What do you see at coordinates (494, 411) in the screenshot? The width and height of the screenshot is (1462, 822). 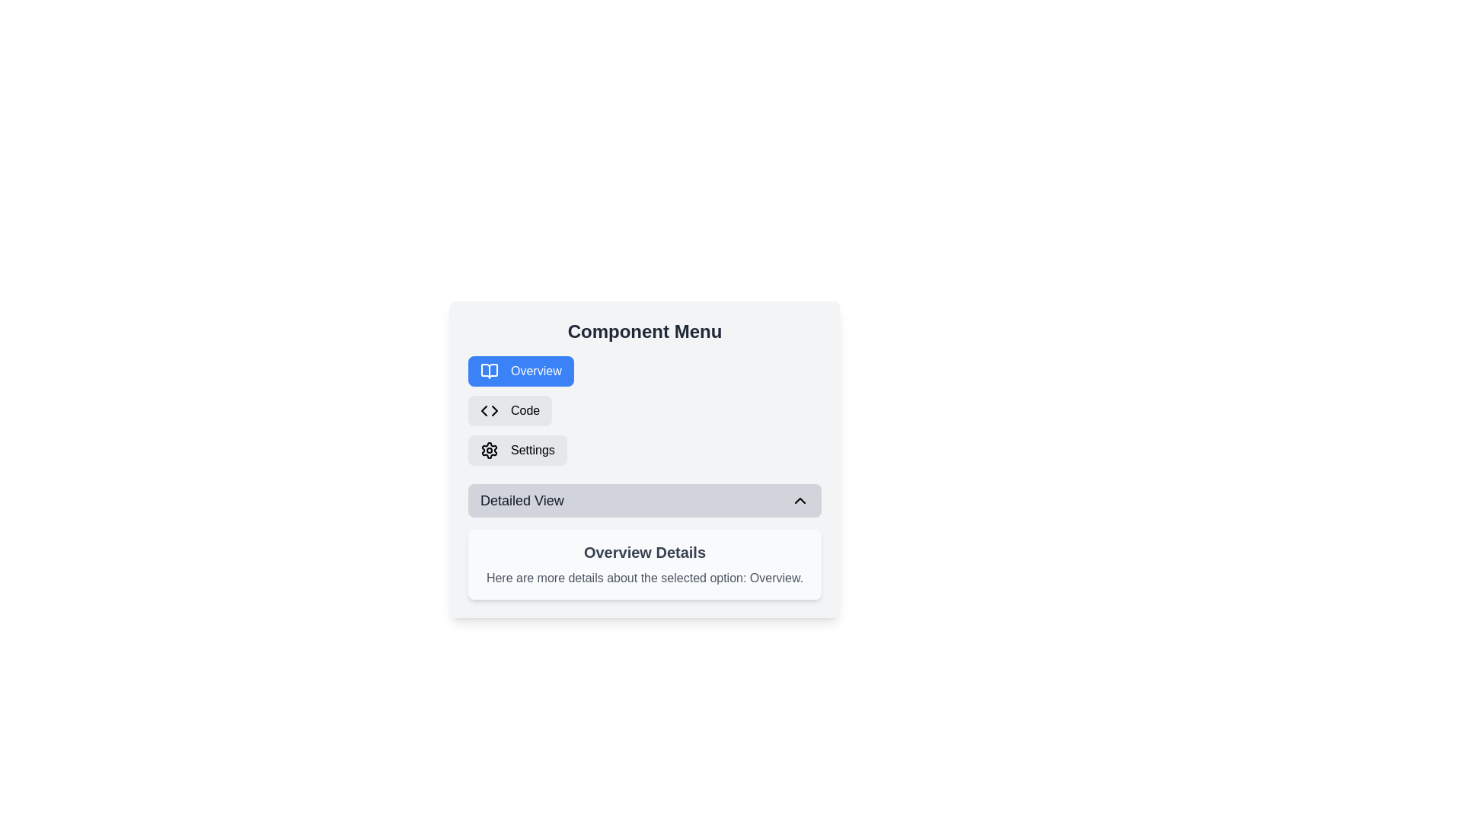 I see `the right-pointing caret symbol of the code-related function icon group, positioned between the 'Overview' and 'Settings' buttons` at bounding box center [494, 411].